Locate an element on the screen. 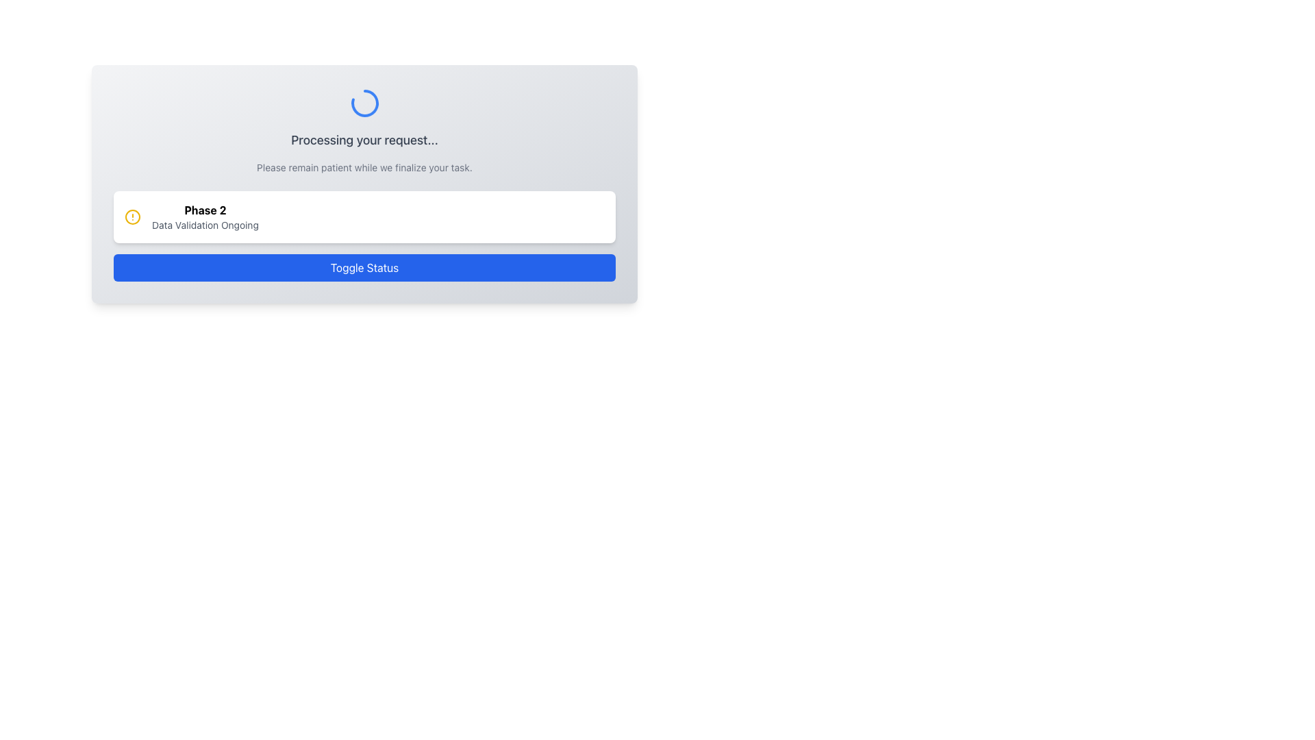 Image resolution: width=1315 pixels, height=740 pixels. the Text block that displays the current phase and its status, located below the spinner icon and above the blue button labeled 'Toggle Status' is located at coordinates (364, 193).